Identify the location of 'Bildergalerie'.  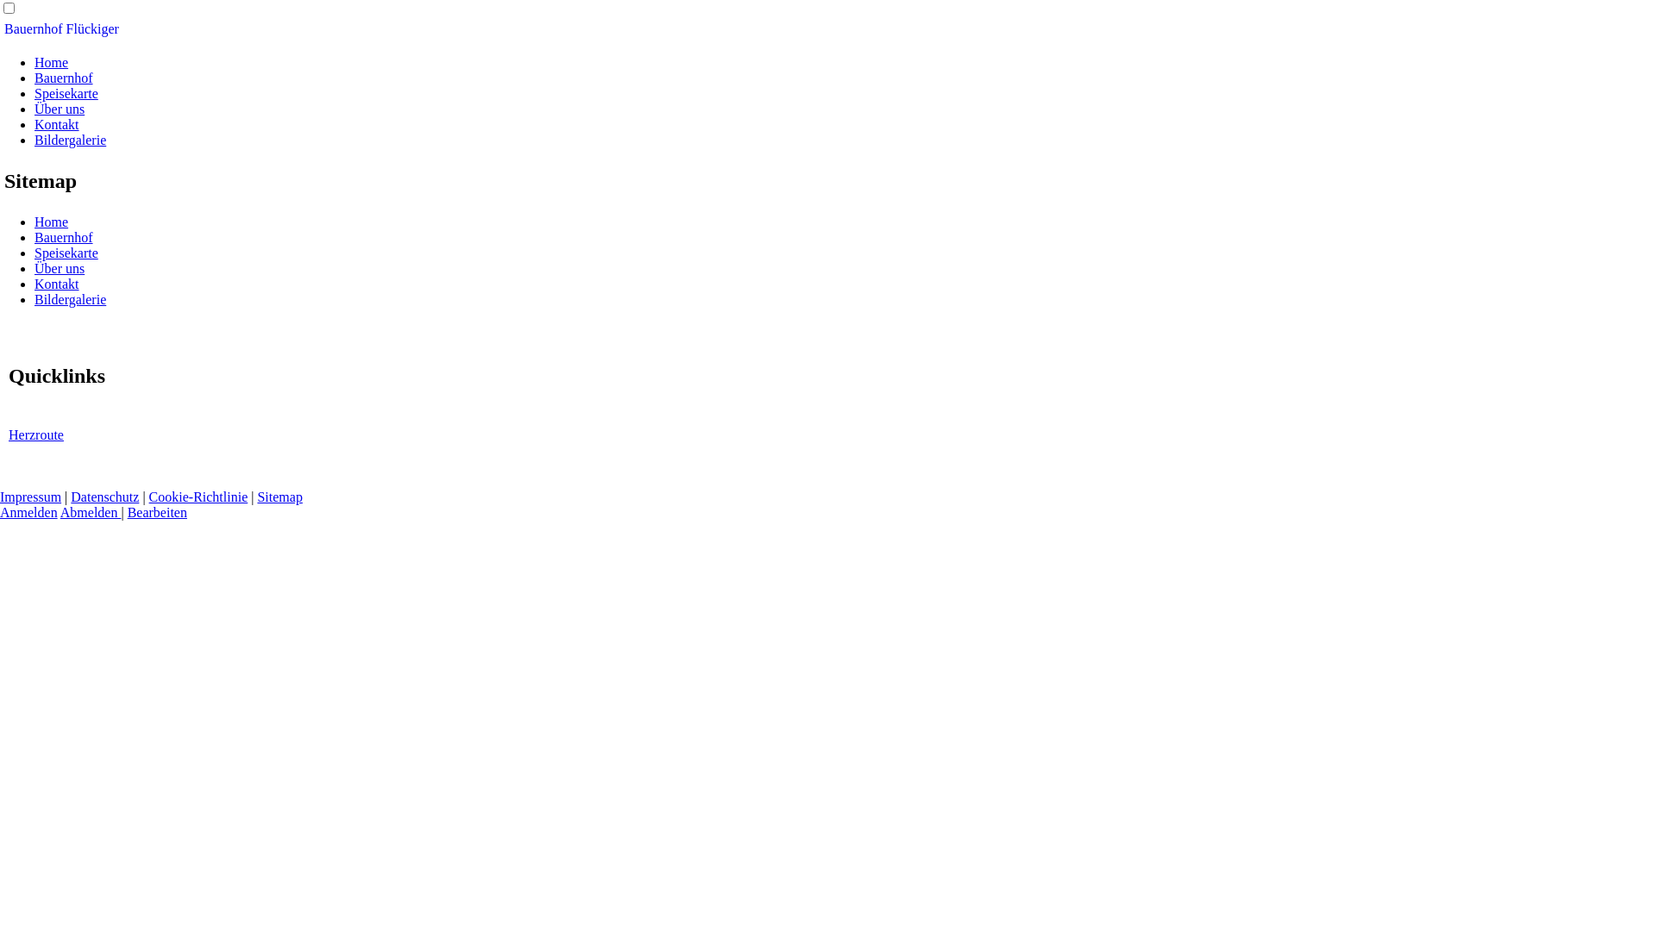
(69, 298).